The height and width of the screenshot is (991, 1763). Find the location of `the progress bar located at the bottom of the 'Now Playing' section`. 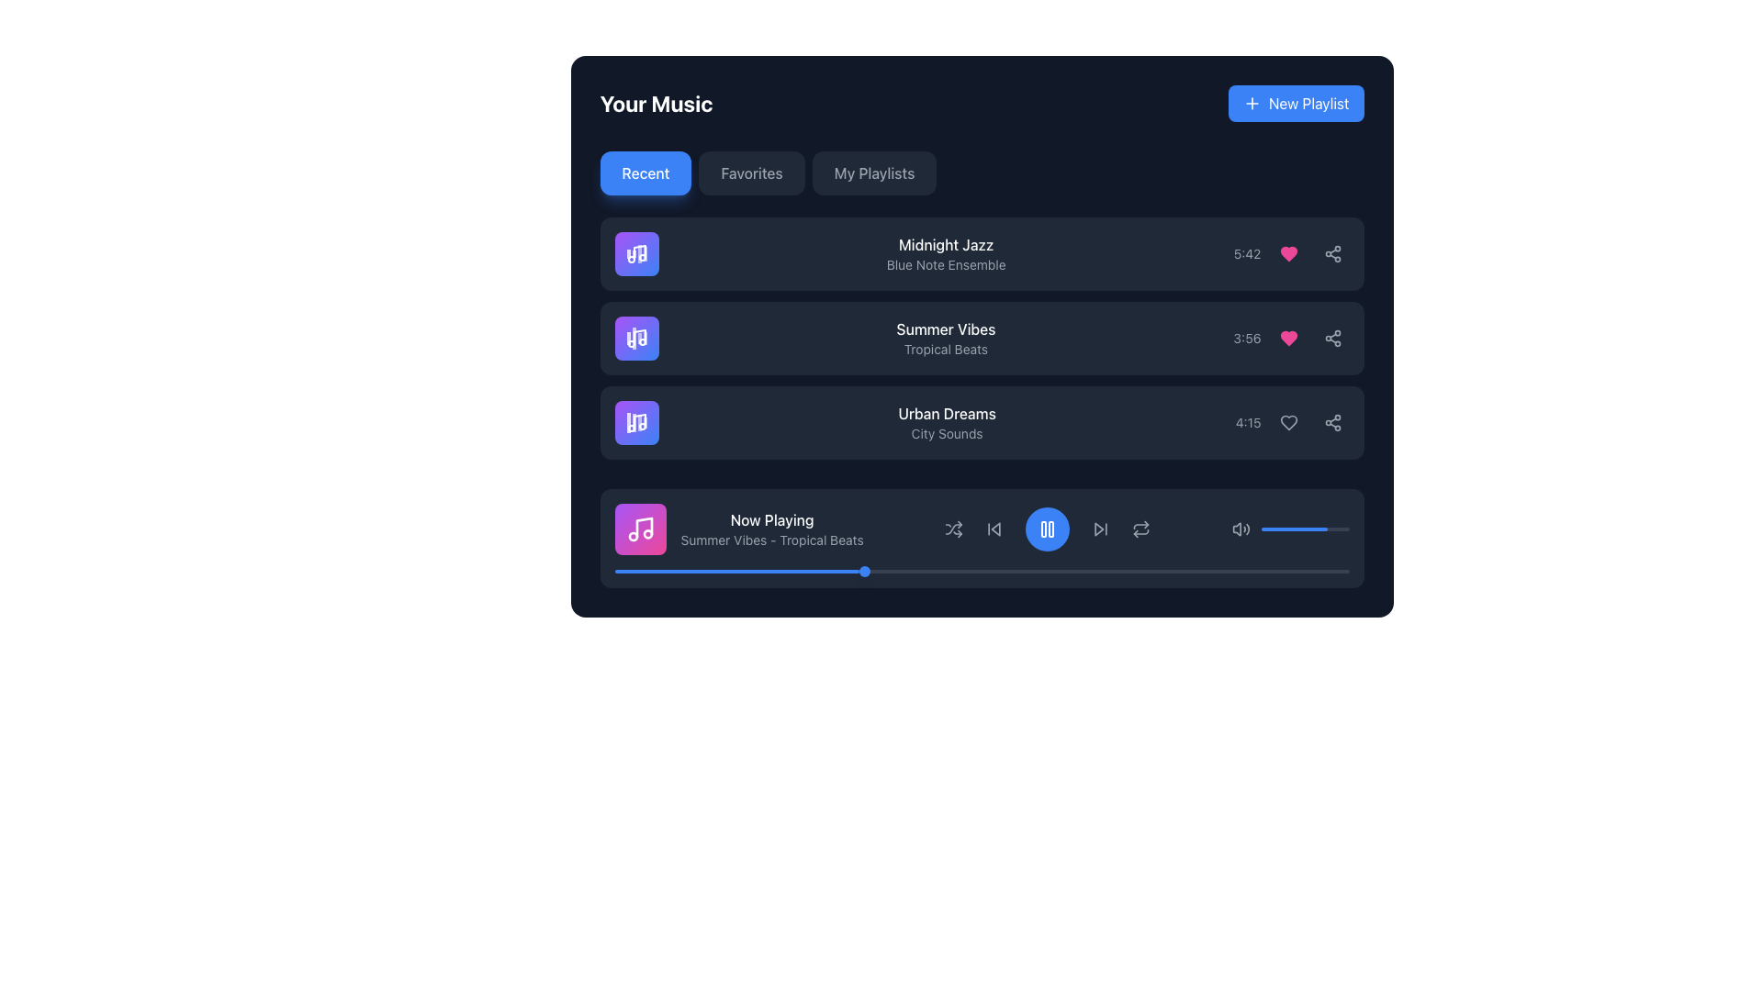

the progress bar located at the bottom of the 'Now Playing' section is located at coordinates (981, 571).